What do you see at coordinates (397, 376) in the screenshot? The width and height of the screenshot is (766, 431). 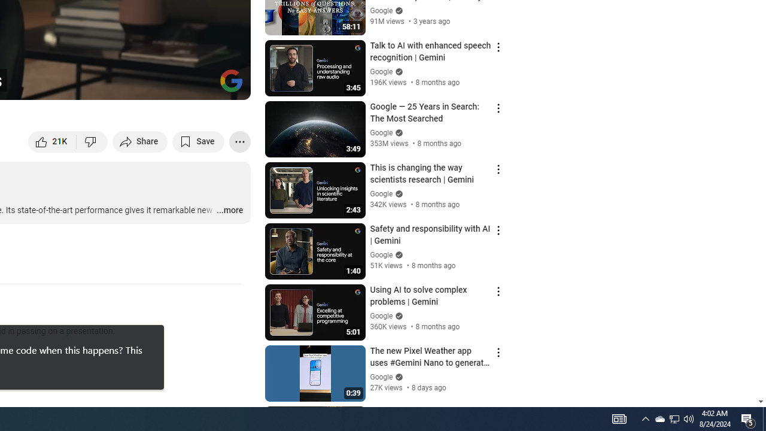 I see `'Verified'` at bounding box center [397, 376].